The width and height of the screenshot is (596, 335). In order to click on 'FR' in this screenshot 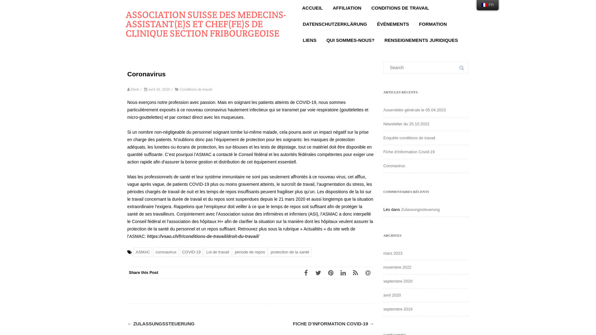, I will do `click(476, 5)`.